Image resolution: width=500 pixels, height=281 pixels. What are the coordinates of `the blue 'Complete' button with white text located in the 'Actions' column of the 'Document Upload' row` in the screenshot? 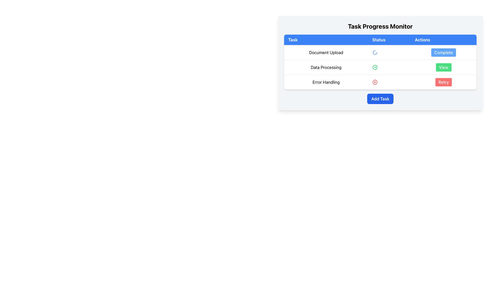 It's located at (443, 52).